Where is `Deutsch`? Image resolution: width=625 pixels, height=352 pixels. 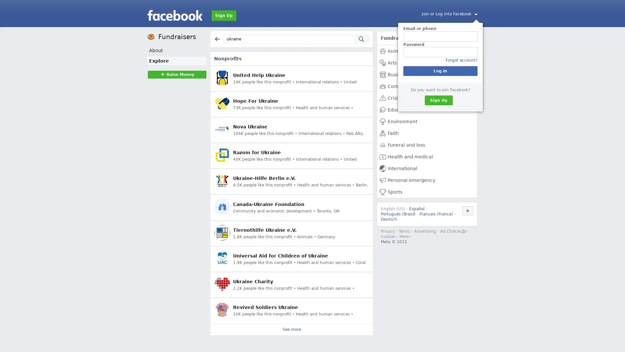 Deutsch is located at coordinates (389, 219).